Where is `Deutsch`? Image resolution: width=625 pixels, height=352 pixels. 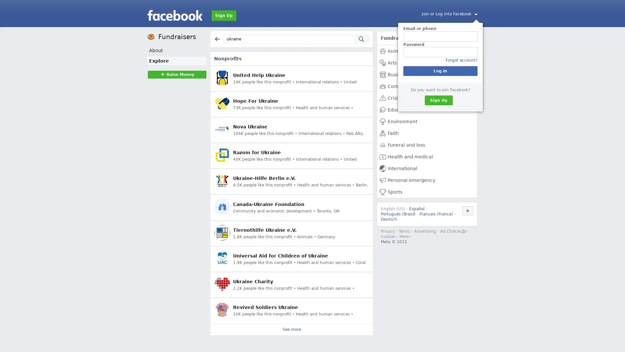 Deutsch is located at coordinates (389, 219).